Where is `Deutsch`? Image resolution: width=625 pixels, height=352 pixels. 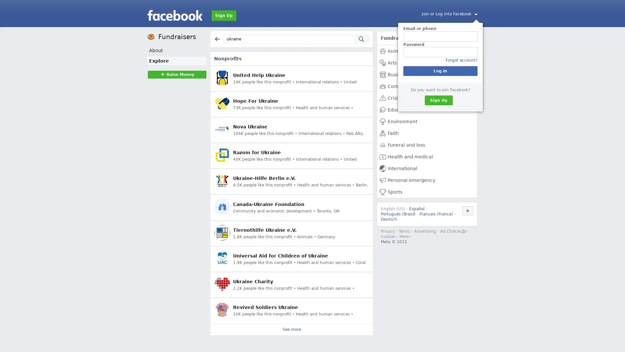 Deutsch is located at coordinates (389, 219).